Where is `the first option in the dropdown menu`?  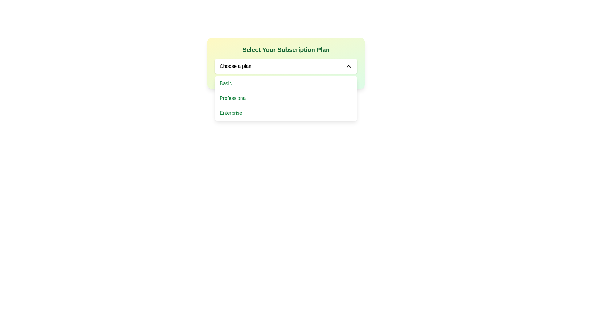 the first option in the dropdown menu is located at coordinates (286, 84).